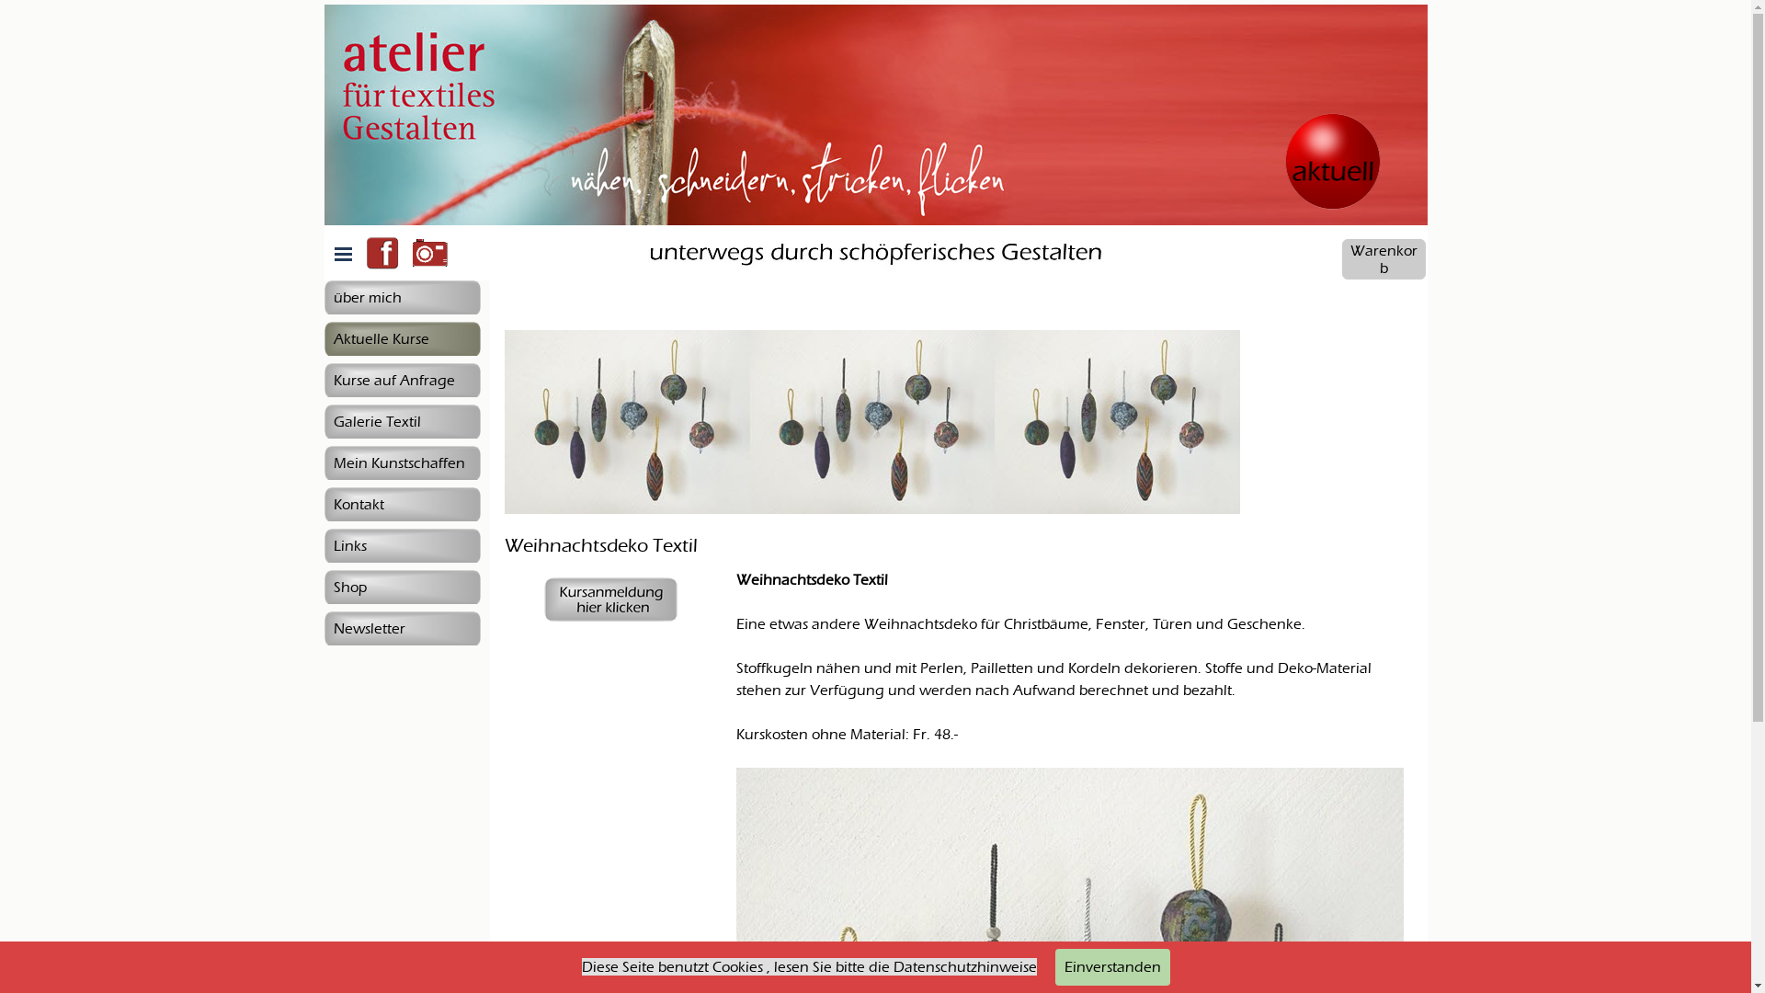  What do you see at coordinates (1384, 258) in the screenshot?
I see `'Warenkorb'` at bounding box center [1384, 258].